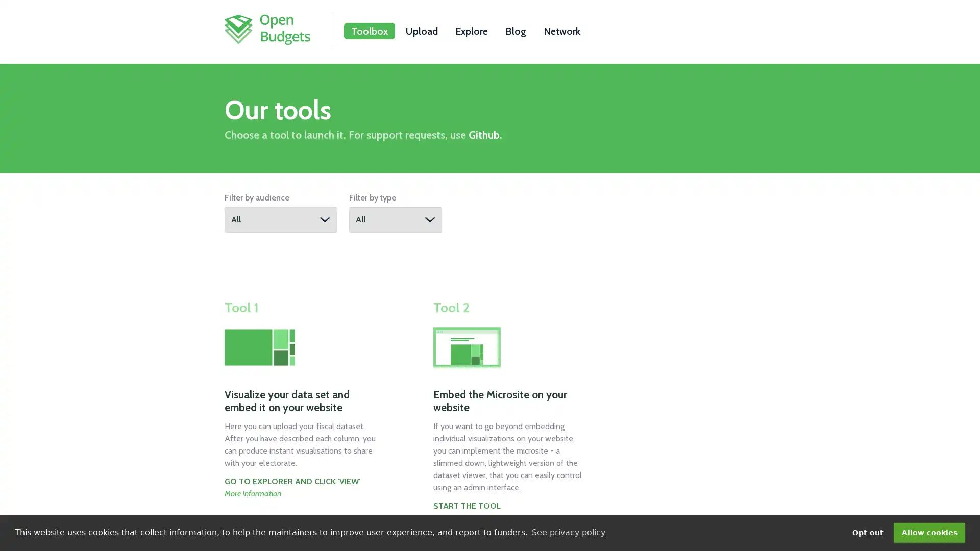 This screenshot has width=980, height=551. I want to click on learn more about cookies, so click(568, 532).